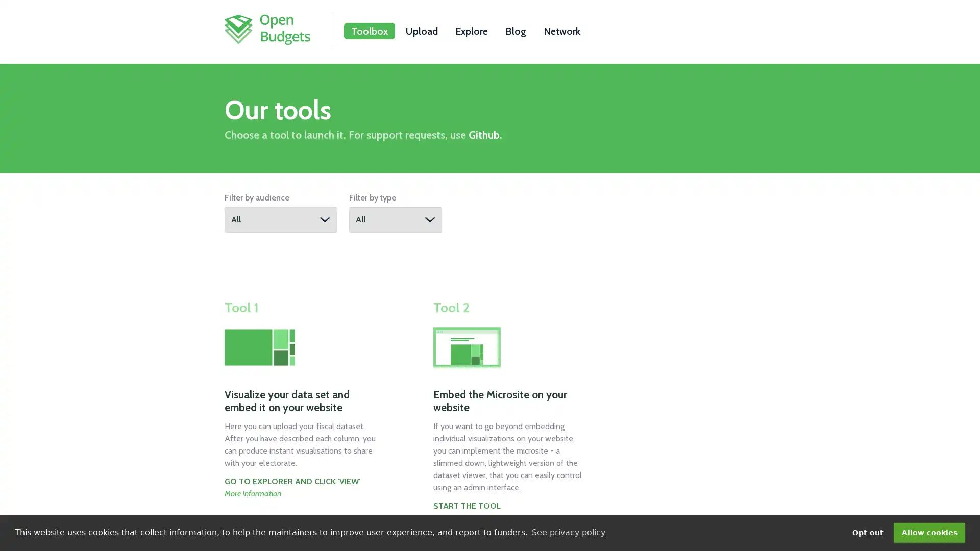 This screenshot has width=980, height=551. I want to click on learn more about cookies, so click(568, 532).